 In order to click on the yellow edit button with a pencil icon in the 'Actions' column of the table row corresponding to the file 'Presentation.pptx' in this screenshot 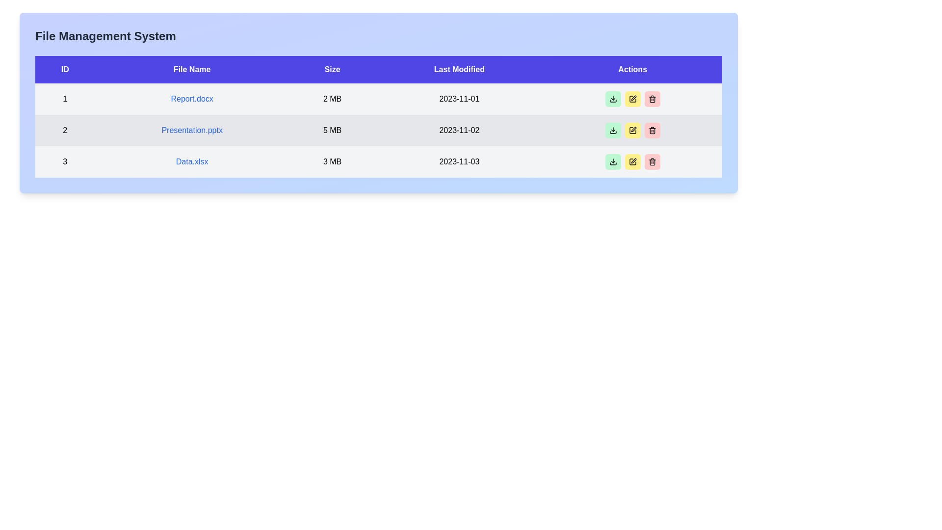, I will do `click(632, 130)`.